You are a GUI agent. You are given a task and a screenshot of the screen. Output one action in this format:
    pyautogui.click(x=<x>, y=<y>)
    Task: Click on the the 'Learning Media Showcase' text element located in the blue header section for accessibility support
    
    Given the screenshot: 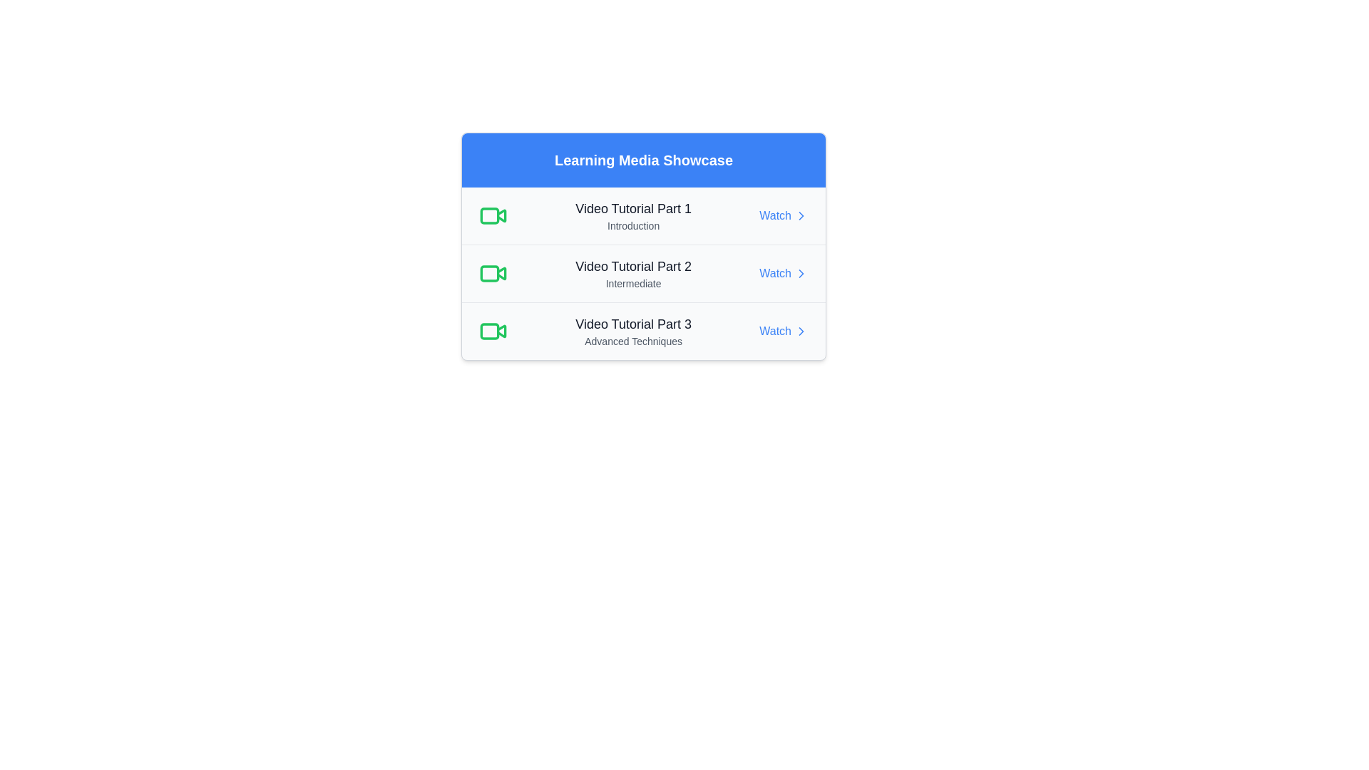 What is the action you would take?
    pyautogui.click(x=642, y=160)
    